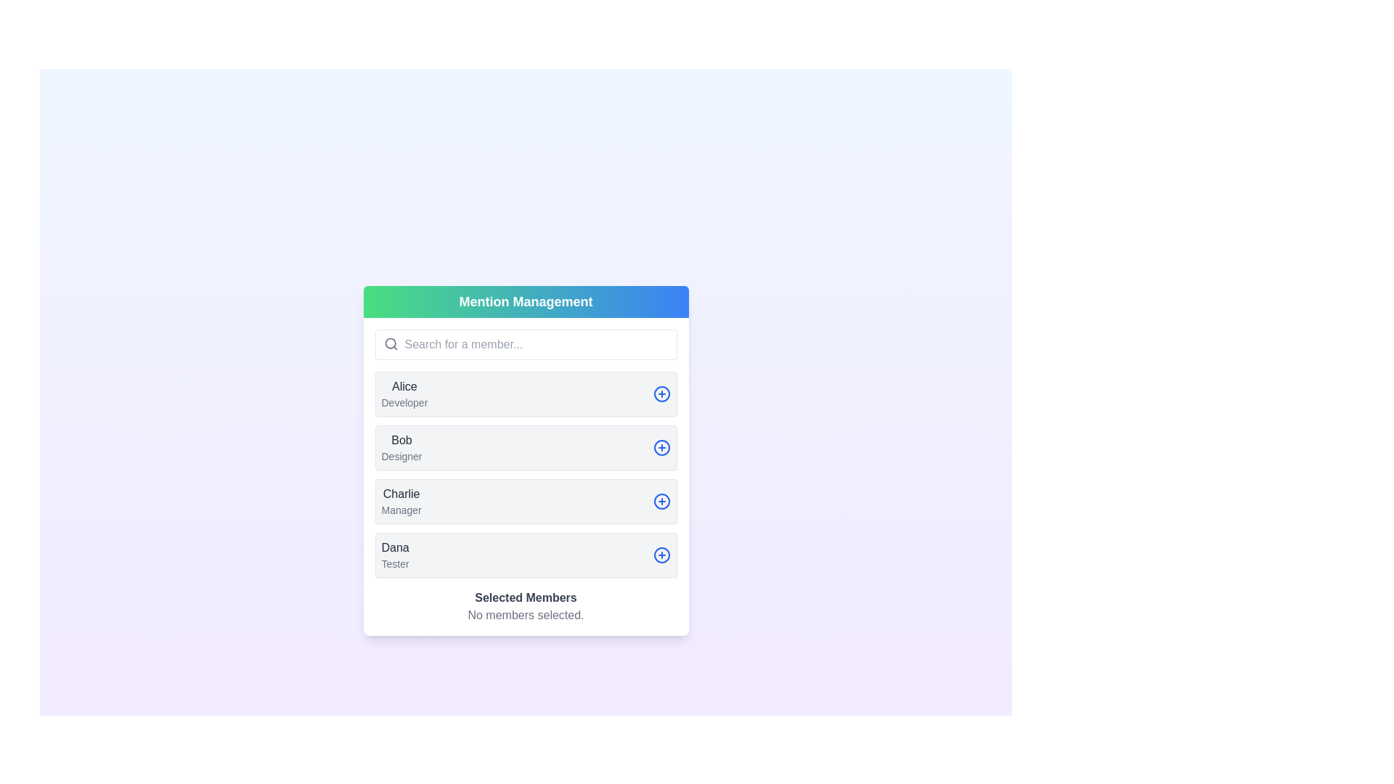 The height and width of the screenshot is (784, 1394). Describe the element at coordinates (404, 385) in the screenshot. I see `the text label displaying 'Alice' in the Mention Management dialog, which is aligned to the top-left corner and above 'Developer'` at that location.